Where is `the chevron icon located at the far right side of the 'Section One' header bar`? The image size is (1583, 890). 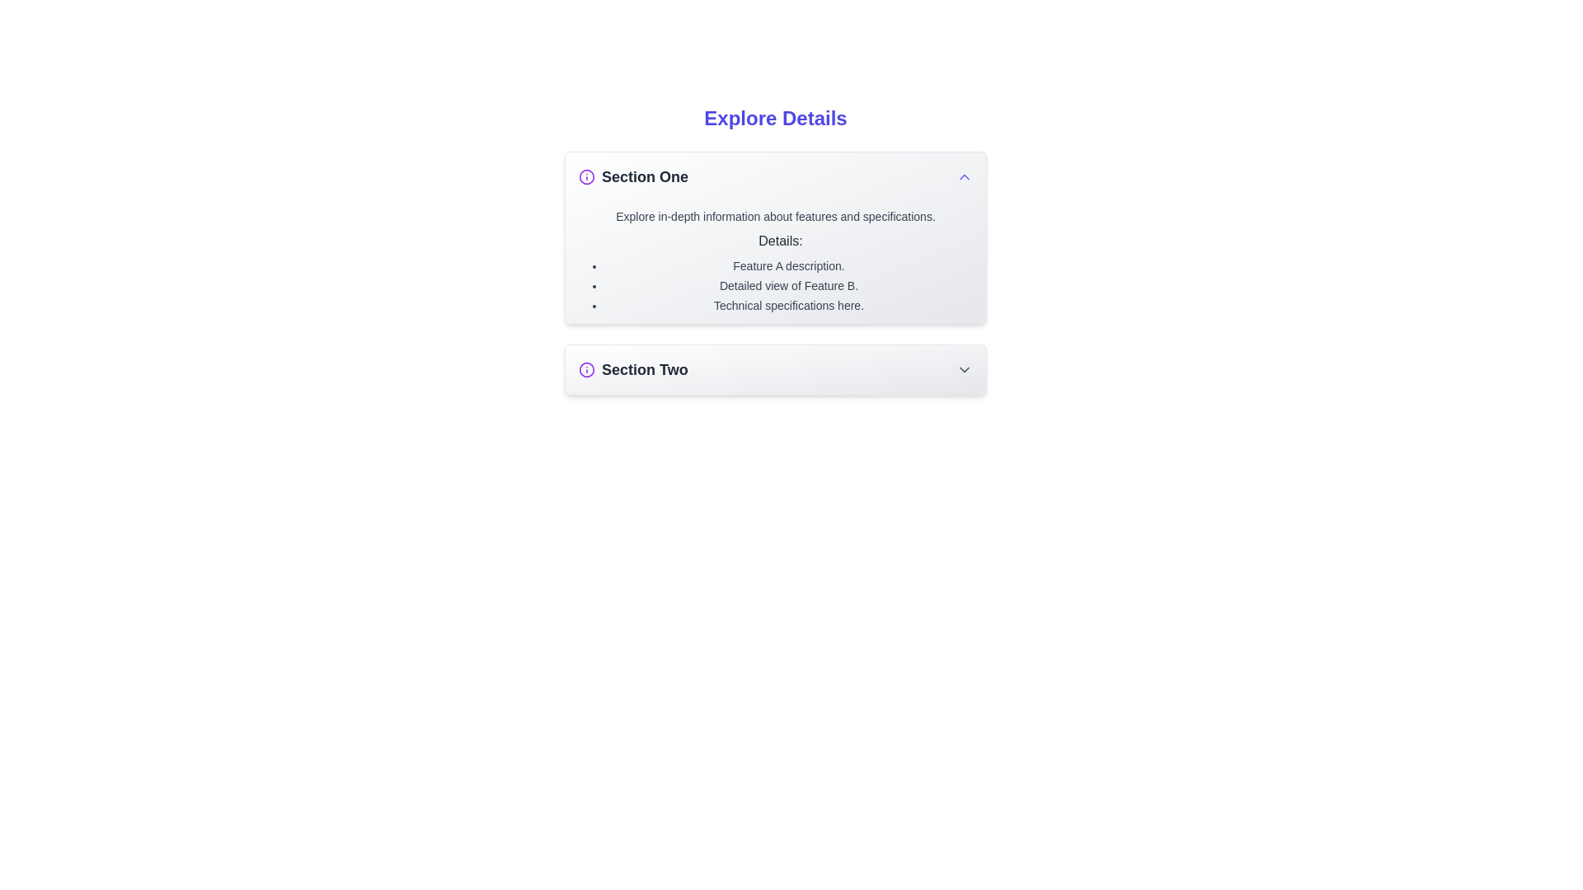 the chevron icon located at the far right side of the 'Section One' header bar is located at coordinates (965, 177).